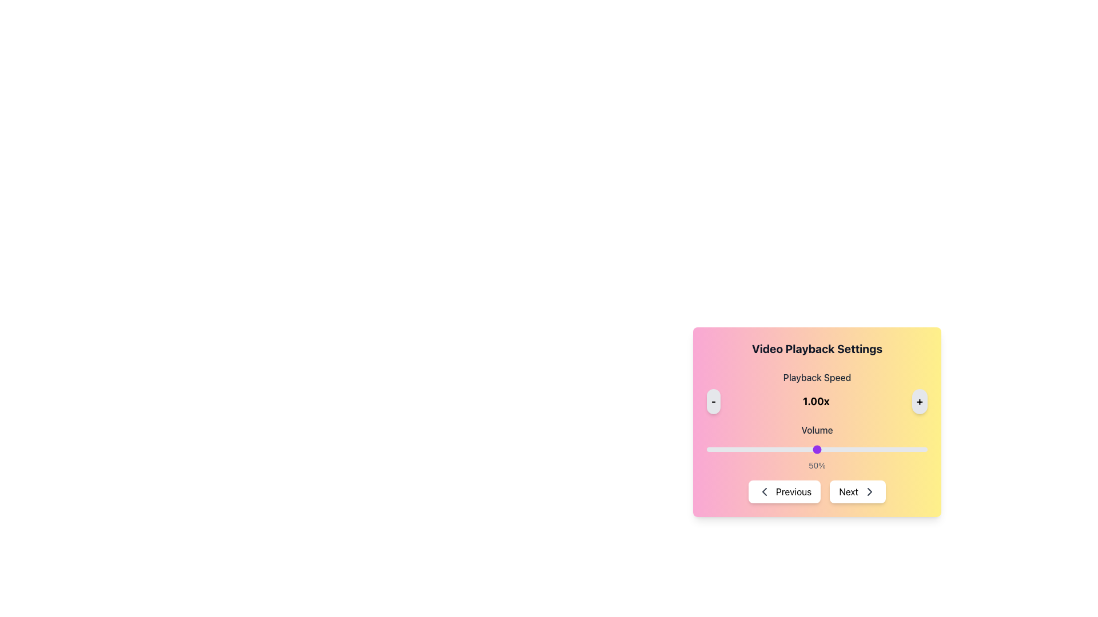 Image resolution: width=1098 pixels, height=617 pixels. What do you see at coordinates (713, 400) in the screenshot?
I see `the decrement button located on the left side of the numeric value display labeled '1.00x' in the 'Playback Speed' section` at bounding box center [713, 400].